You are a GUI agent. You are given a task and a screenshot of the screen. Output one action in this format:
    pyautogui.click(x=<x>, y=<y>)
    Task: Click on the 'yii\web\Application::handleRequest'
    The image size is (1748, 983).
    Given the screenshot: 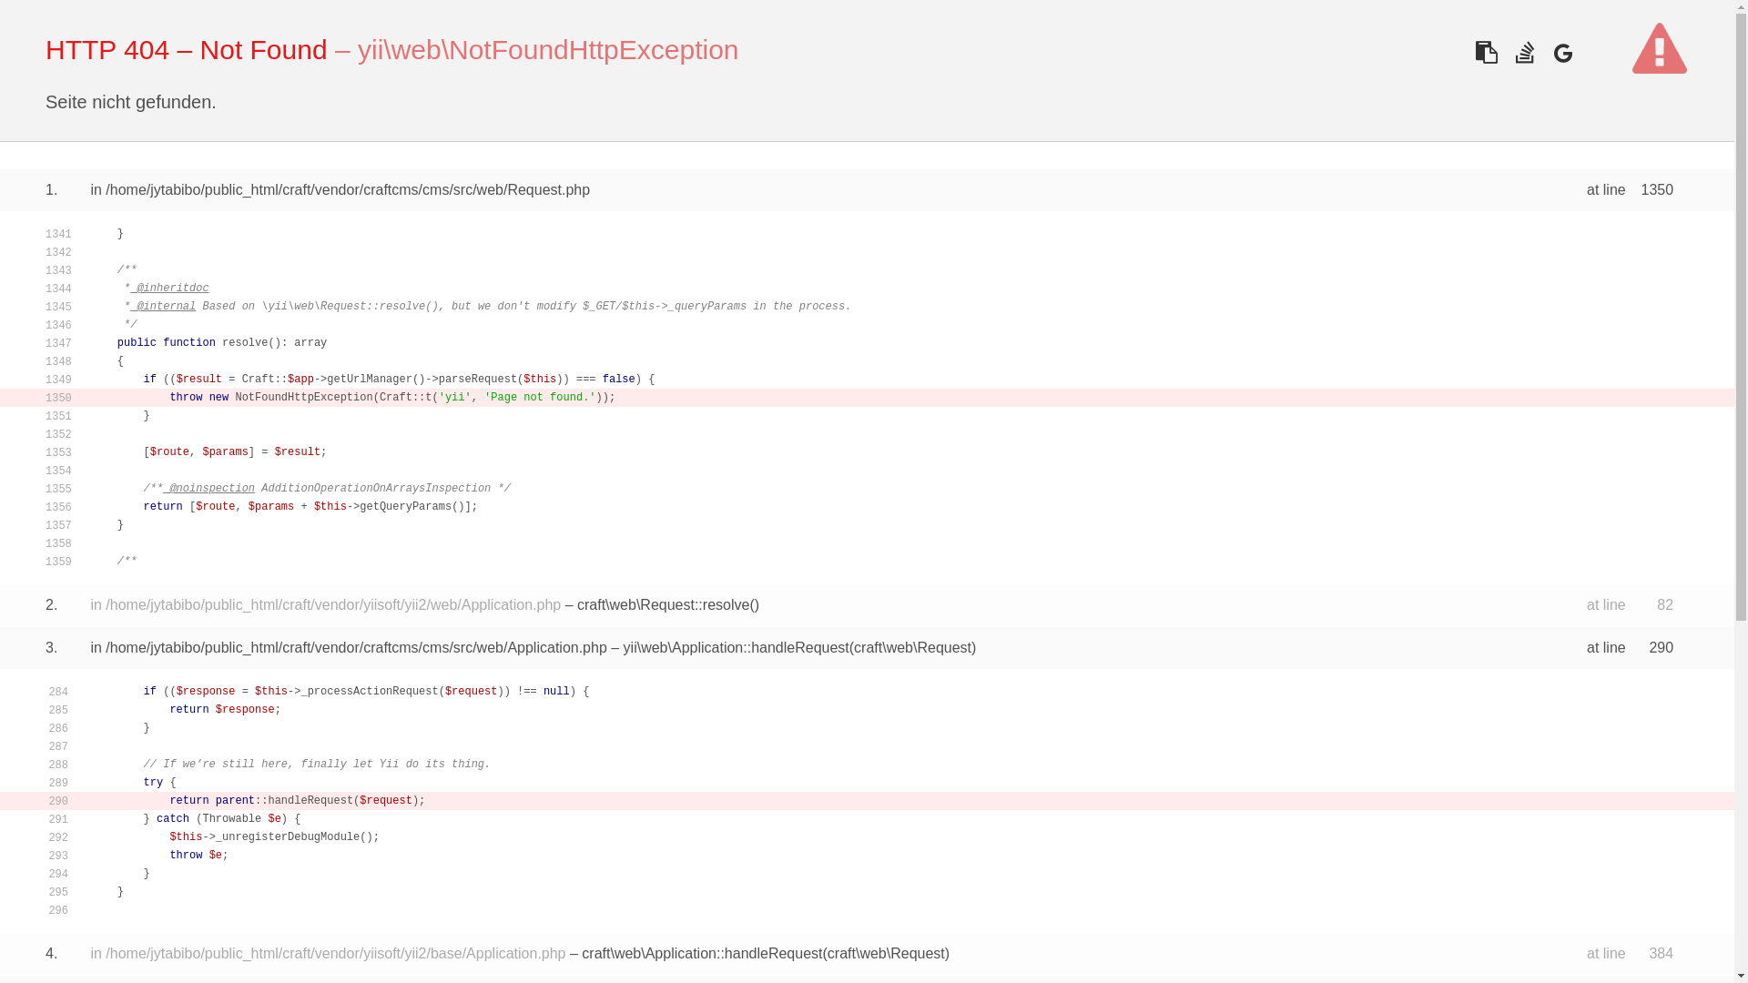 What is the action you would take?
    pyautogui.click(x=737, y=646)
    